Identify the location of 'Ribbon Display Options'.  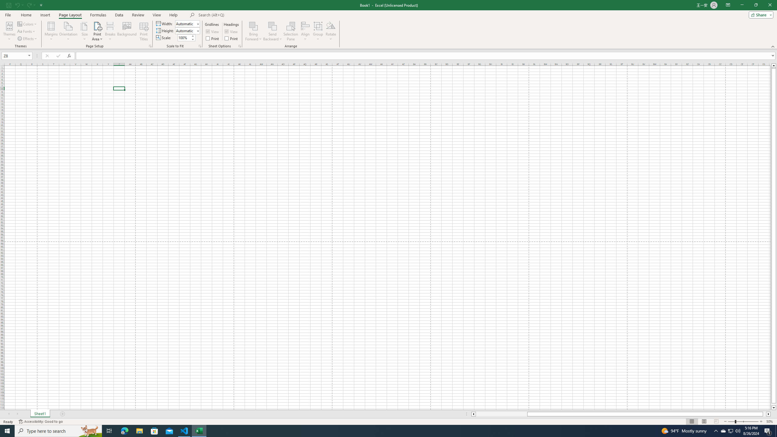
(728, 5).